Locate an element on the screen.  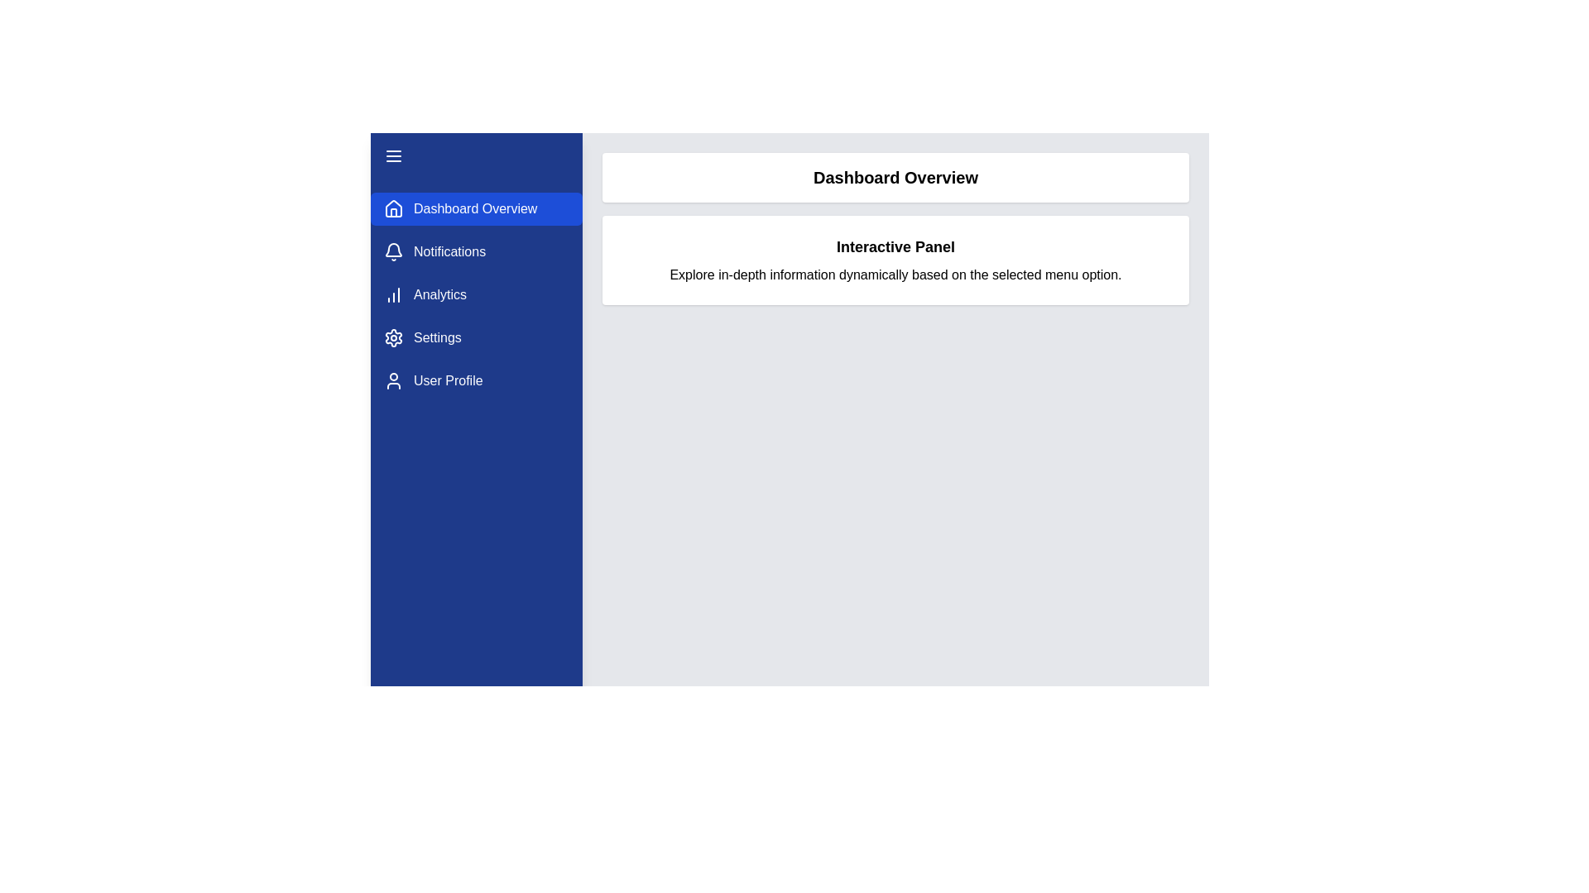
the 'Analytics' menu item in the navigation bar is located at coordinates (476, 294).